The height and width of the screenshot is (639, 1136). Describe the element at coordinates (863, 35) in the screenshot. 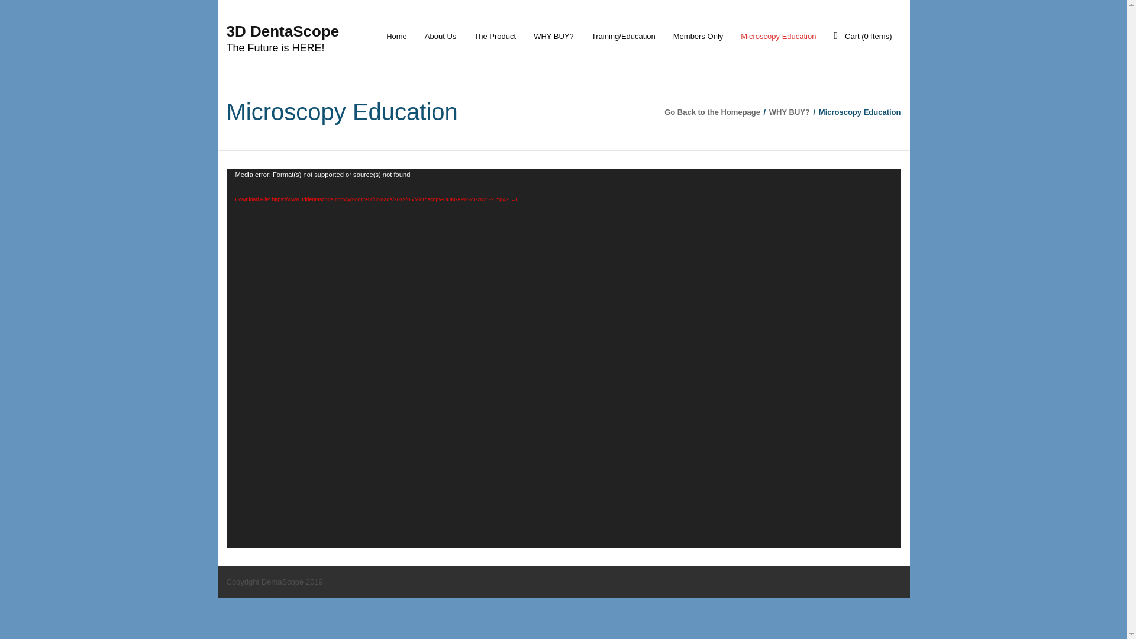

I see `'Cart (0 Items)'` at that location.